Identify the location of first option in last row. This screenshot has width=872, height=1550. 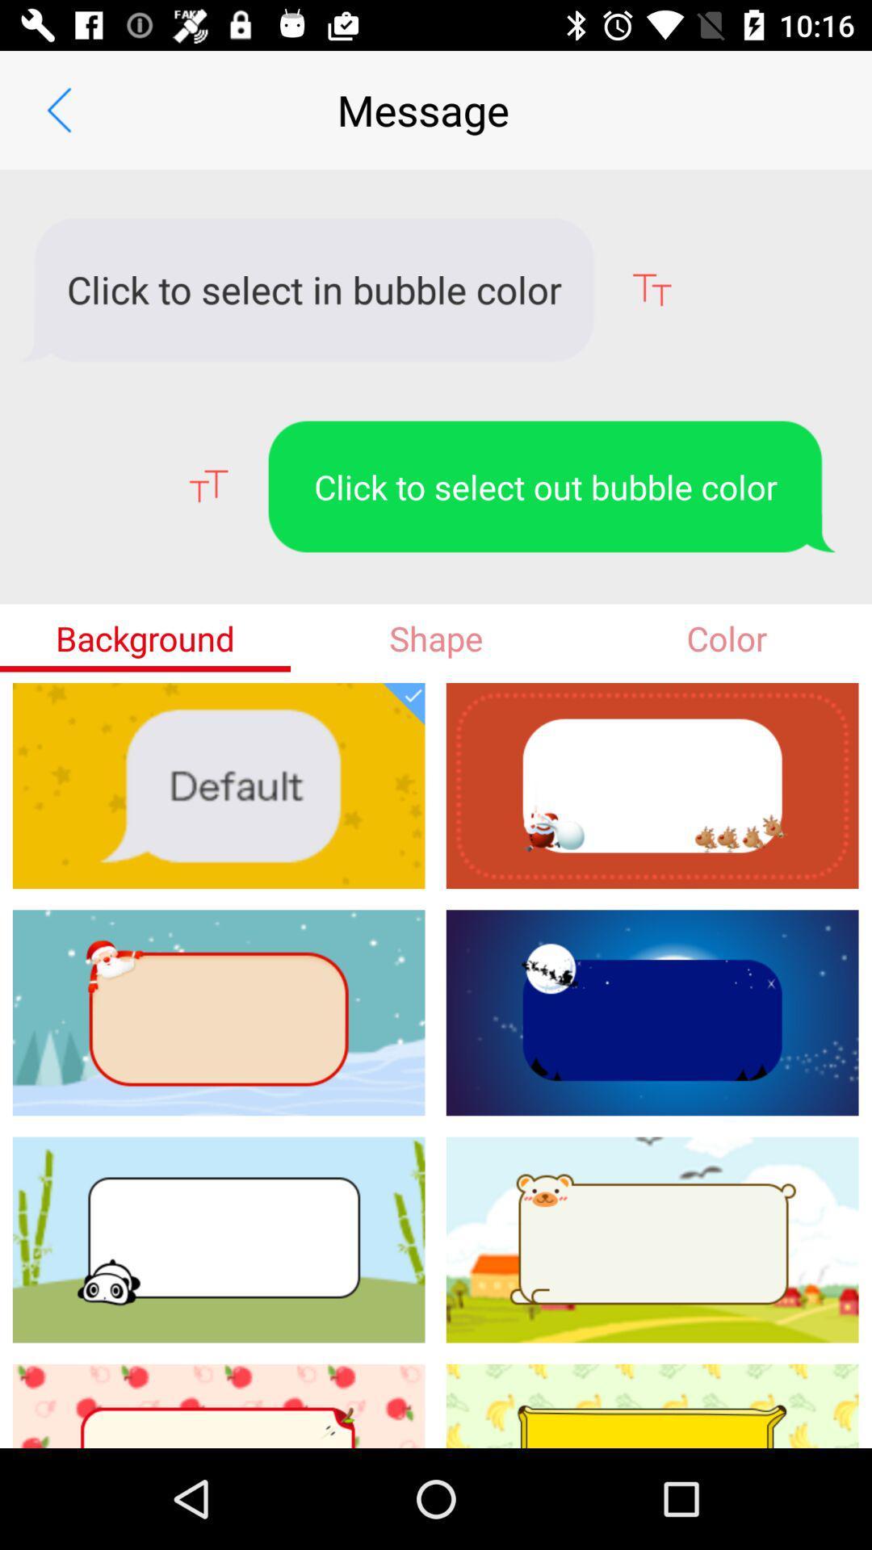
(219, 1405).